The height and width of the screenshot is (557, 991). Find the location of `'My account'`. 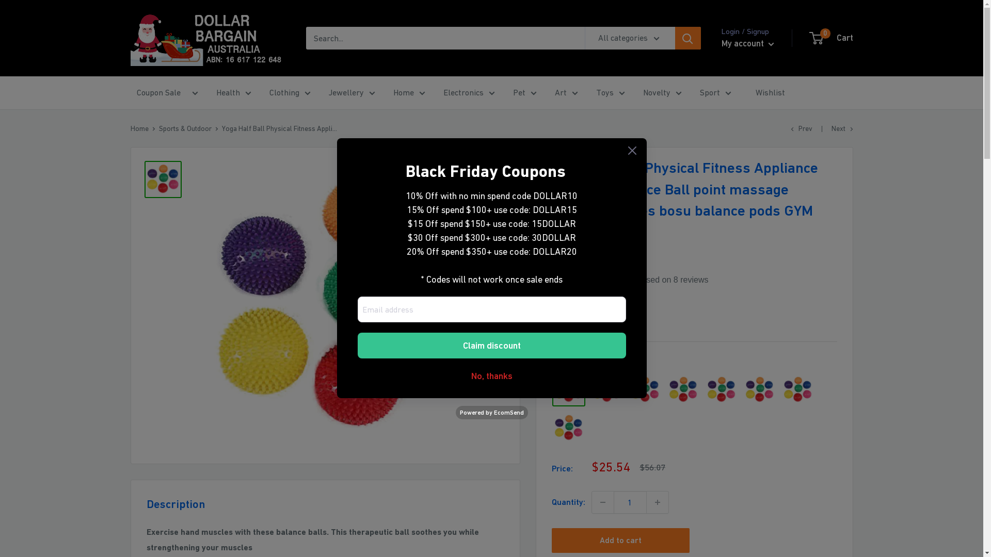

'My account' is located at coordinates (748, 43).